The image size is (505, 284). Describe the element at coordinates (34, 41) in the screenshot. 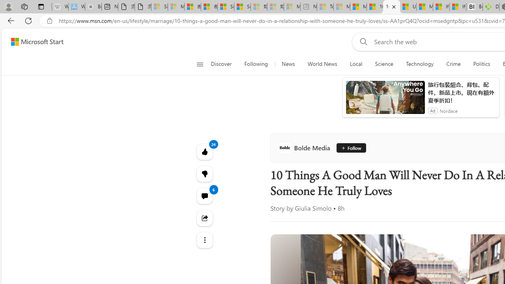

I see `'Skip to content'` at that location.